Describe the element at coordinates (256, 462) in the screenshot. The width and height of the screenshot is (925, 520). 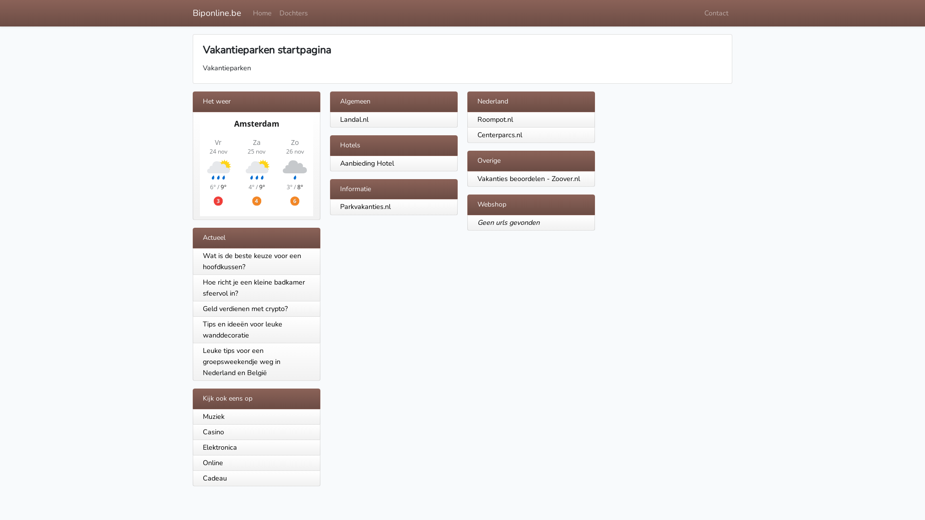
I see `'Online'` at that location.